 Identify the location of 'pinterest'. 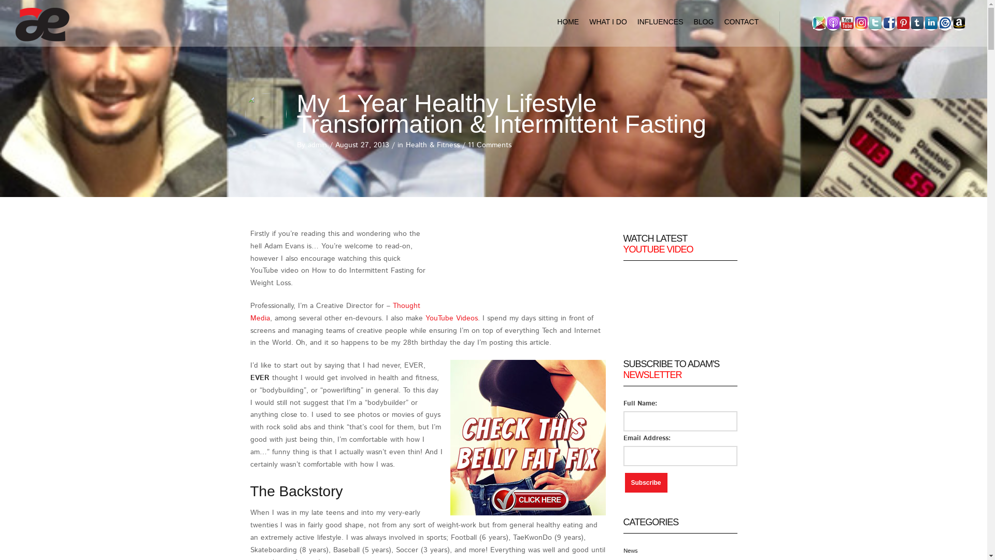
(902, 23).